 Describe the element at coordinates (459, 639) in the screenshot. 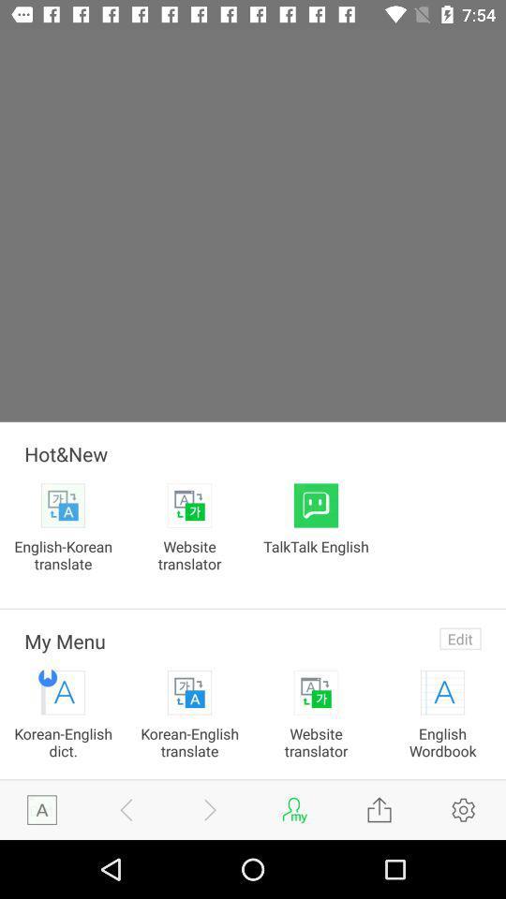

I see `the item to the right of my menu` at that location.